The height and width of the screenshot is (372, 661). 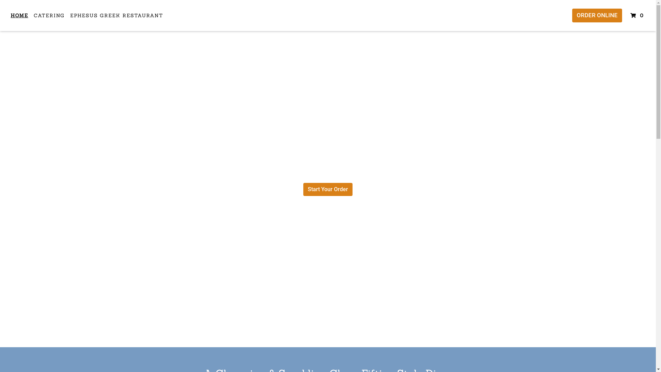 What do you see at coordinates (637, 15) in the screenshot?
I see `'0` at bounding box center [637, 15].